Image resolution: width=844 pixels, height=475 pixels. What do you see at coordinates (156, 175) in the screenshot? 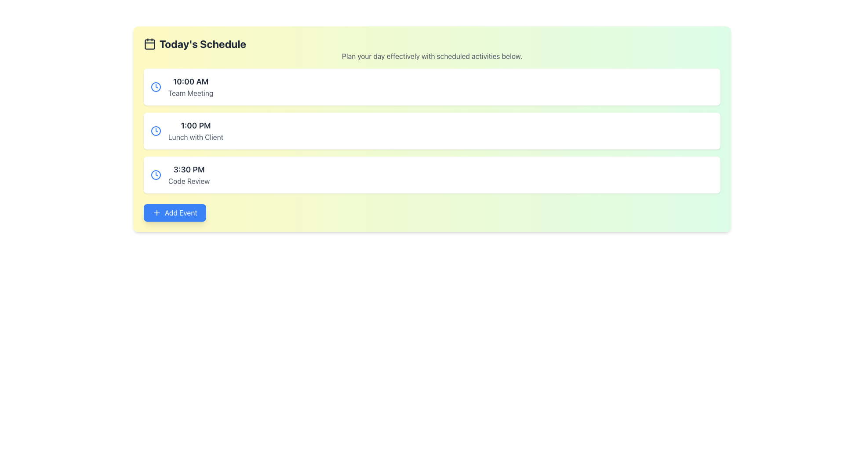
I see `the circular graphical element of the clock icon, which is part of the 'Today's Schedule' section, located to the left of the '10:00 AM Team Meeting' text` at bounding box center [156, 175].